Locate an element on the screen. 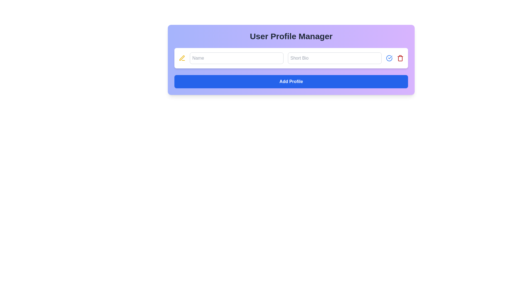 Image resolution: width=529 pixels, height=298 pixels. the yellow filled pen icon within the profile manager interface, located to the left of the 'Name' input field is located at coordinates (182, 58).